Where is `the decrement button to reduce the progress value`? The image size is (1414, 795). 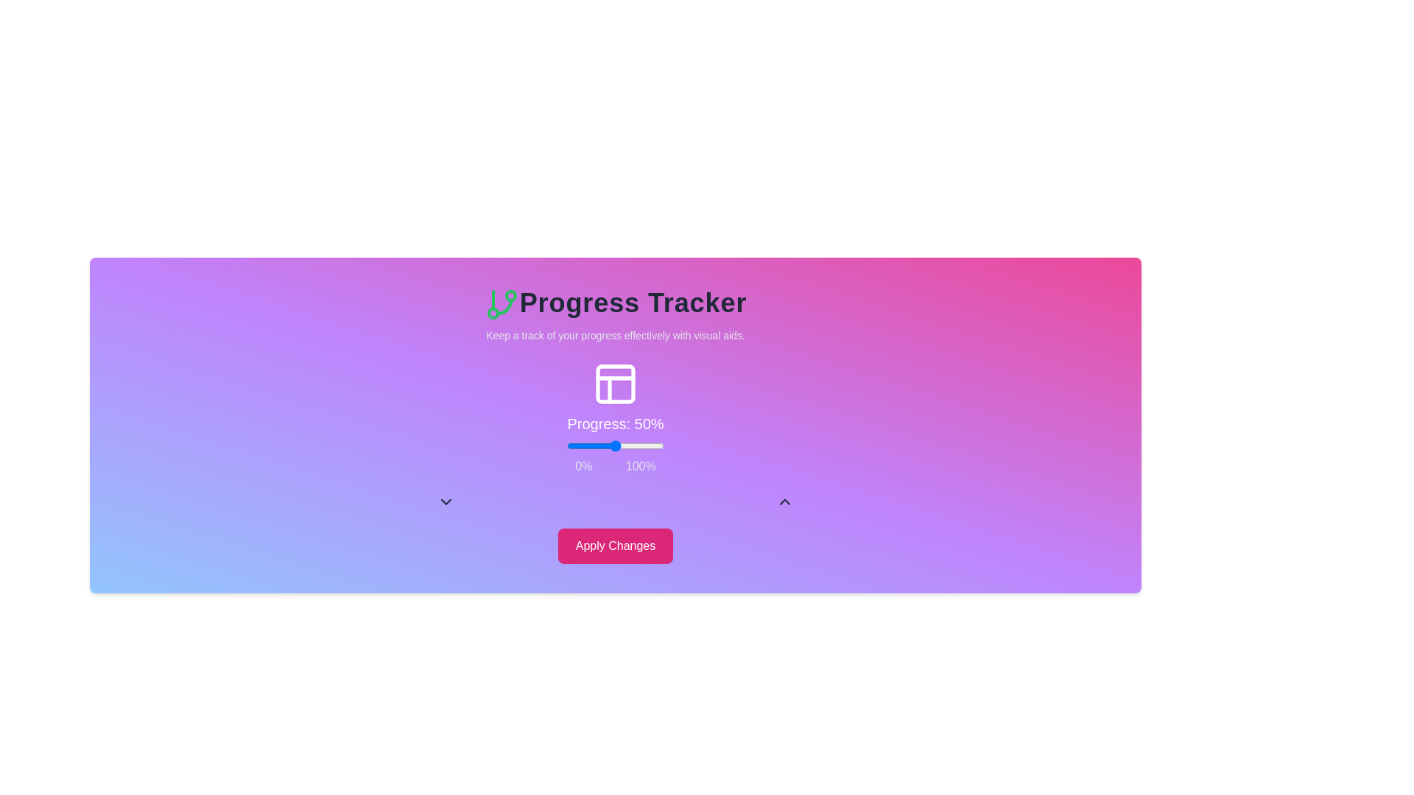 the decrement button to reduce the progress value is located at coordinates (445, 501).